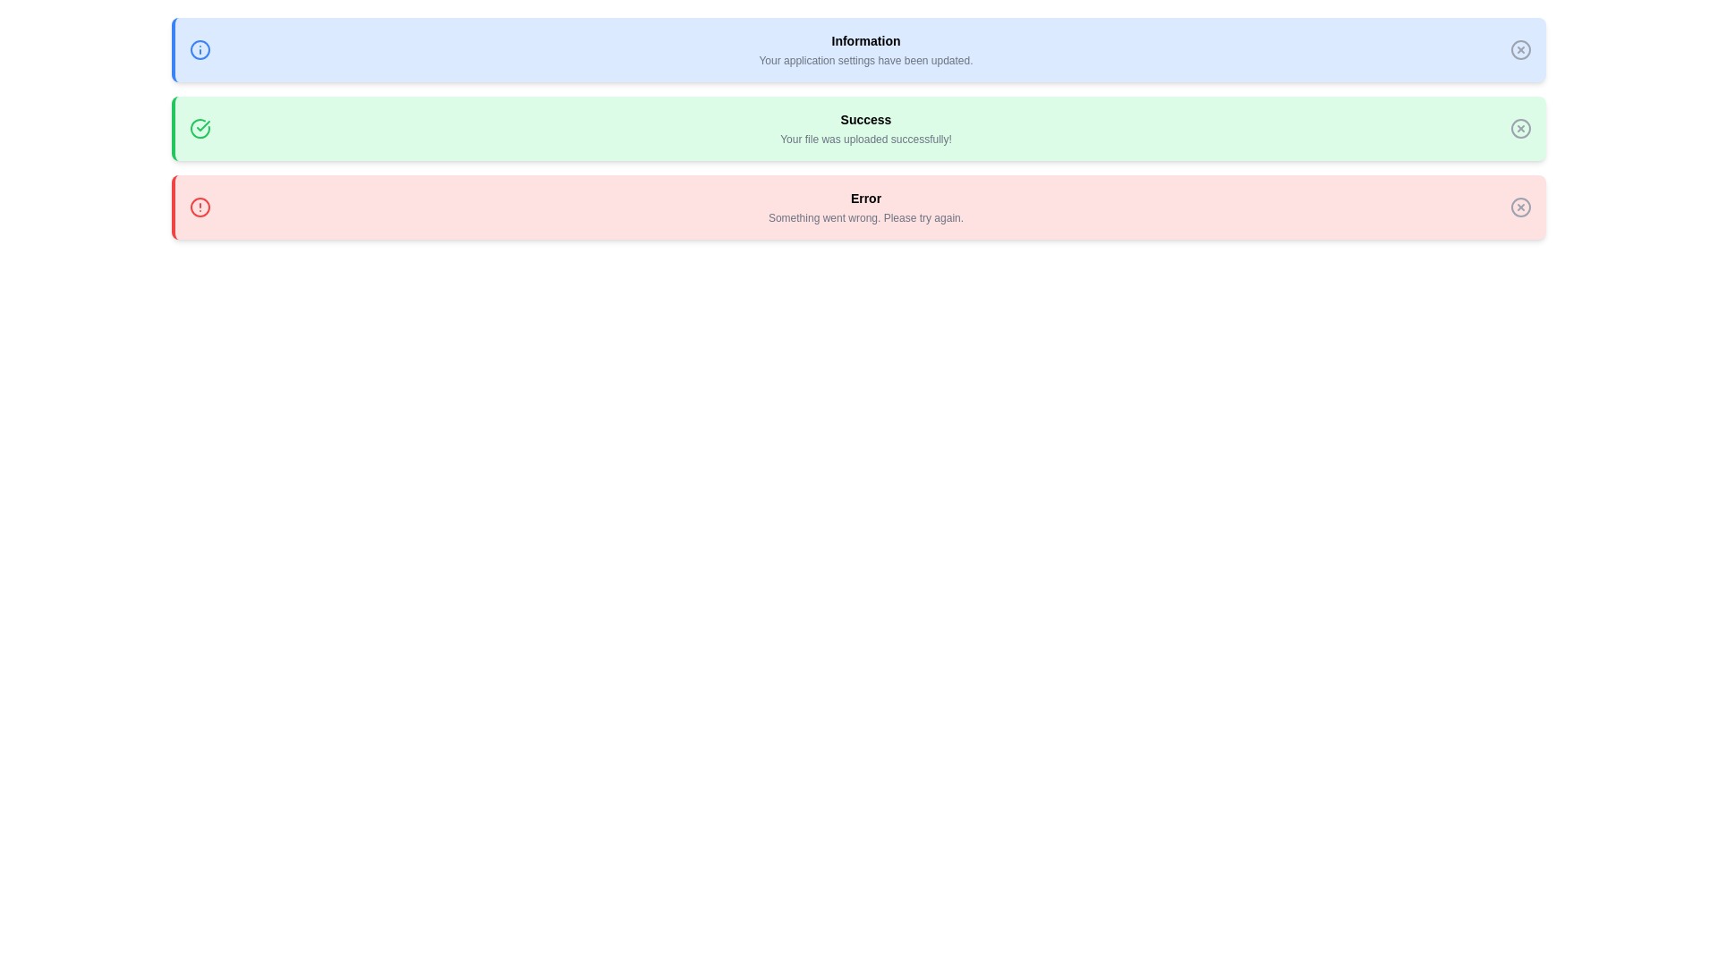 This screenshot has width=1718, height=966. I want to click on close button on the 'Information' snackbar to remove it, so click(1519, 49).